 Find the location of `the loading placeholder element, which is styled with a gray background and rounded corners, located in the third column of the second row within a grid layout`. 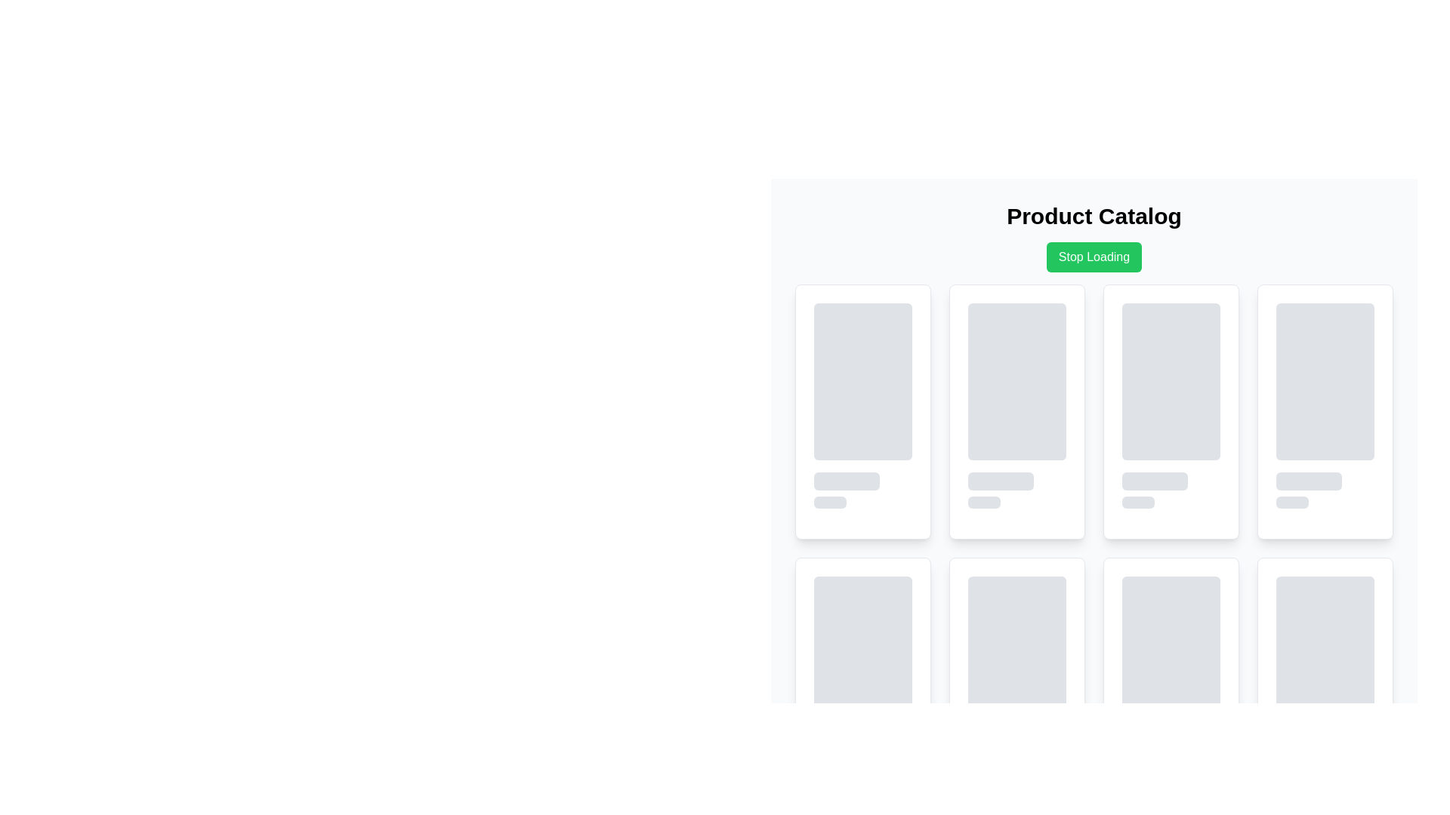

the loading placeholder element, which is styled with a gray background and rounded corners, located in the third column of the second row within a grid layout is located at coordinates (1170, 678).